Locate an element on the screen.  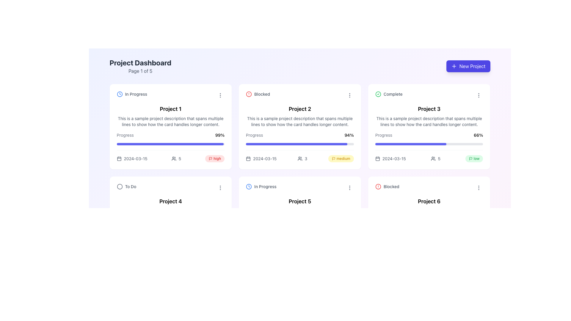
the progress visually by interacting with the progress bar located in the card for 'Project 5' in the second row, middle column of the grid layout, which indicates a completion percentage of 78% is located at coordinates (288, 236).